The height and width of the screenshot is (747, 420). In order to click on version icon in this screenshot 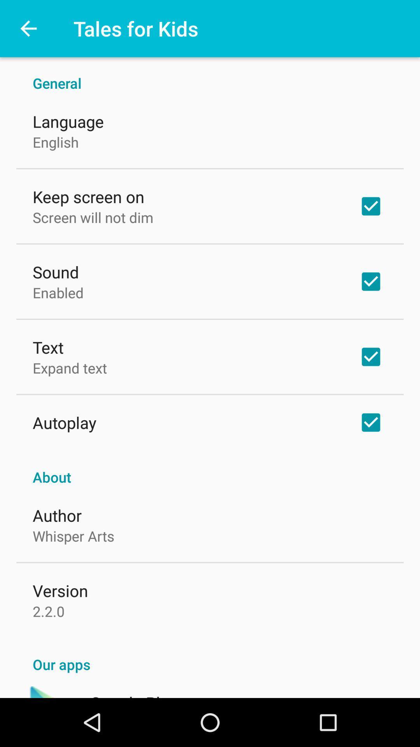, I will do `click(60, 590)`.